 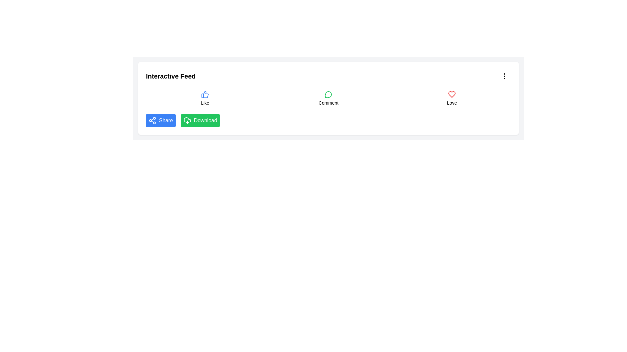 I want to click on the red heart icon located at the bottom-right area of the interactive feed section, so click(x=451, y=94).